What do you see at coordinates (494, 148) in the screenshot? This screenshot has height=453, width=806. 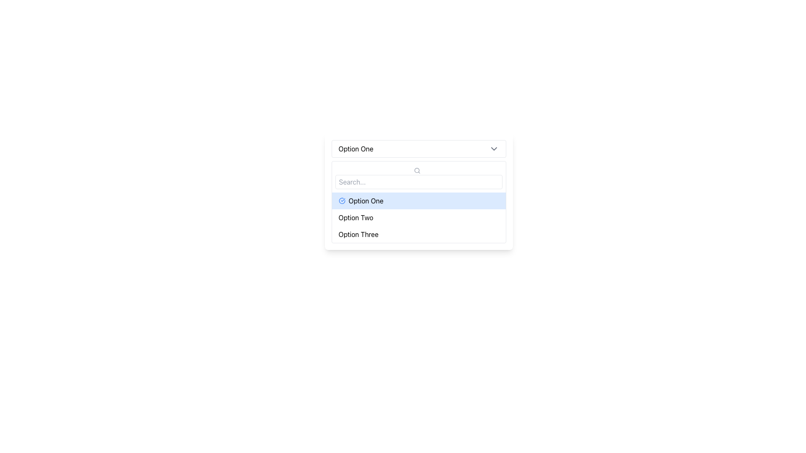 I see `the downward-pointing chevron arrow icon located in the upper right of the dropdown interface next to 'Option One'` at bounding box center [494, 148].